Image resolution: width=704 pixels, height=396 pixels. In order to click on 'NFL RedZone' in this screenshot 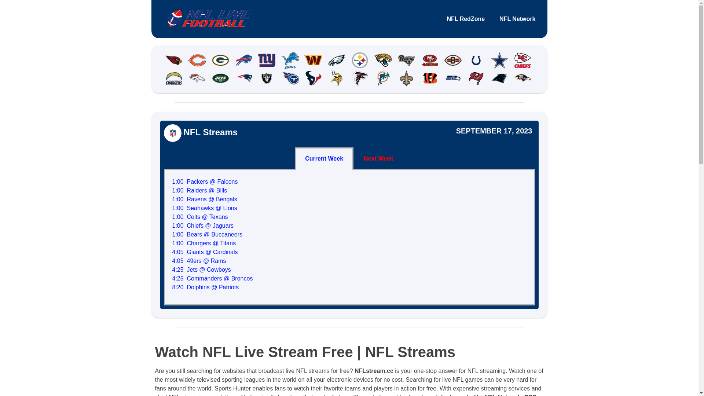, I will do `click(465, 18)`.